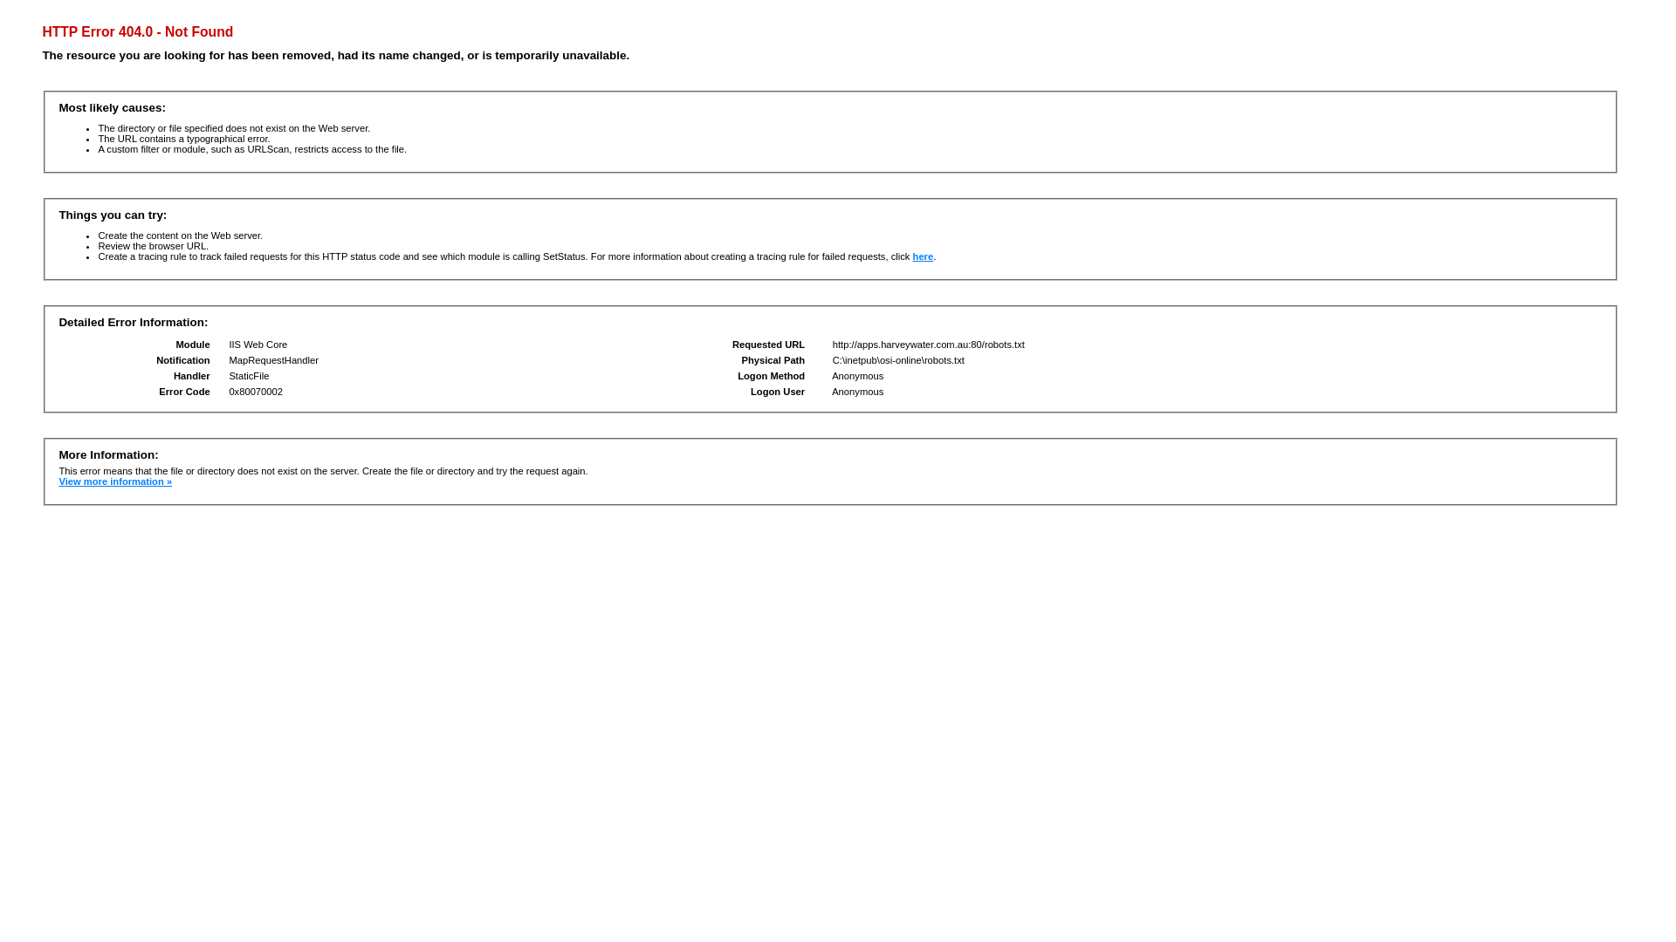 The image size is (1676, 942). Describe the element at coordinates (922, 256) in the screenshot. I see `'here'` at that location.